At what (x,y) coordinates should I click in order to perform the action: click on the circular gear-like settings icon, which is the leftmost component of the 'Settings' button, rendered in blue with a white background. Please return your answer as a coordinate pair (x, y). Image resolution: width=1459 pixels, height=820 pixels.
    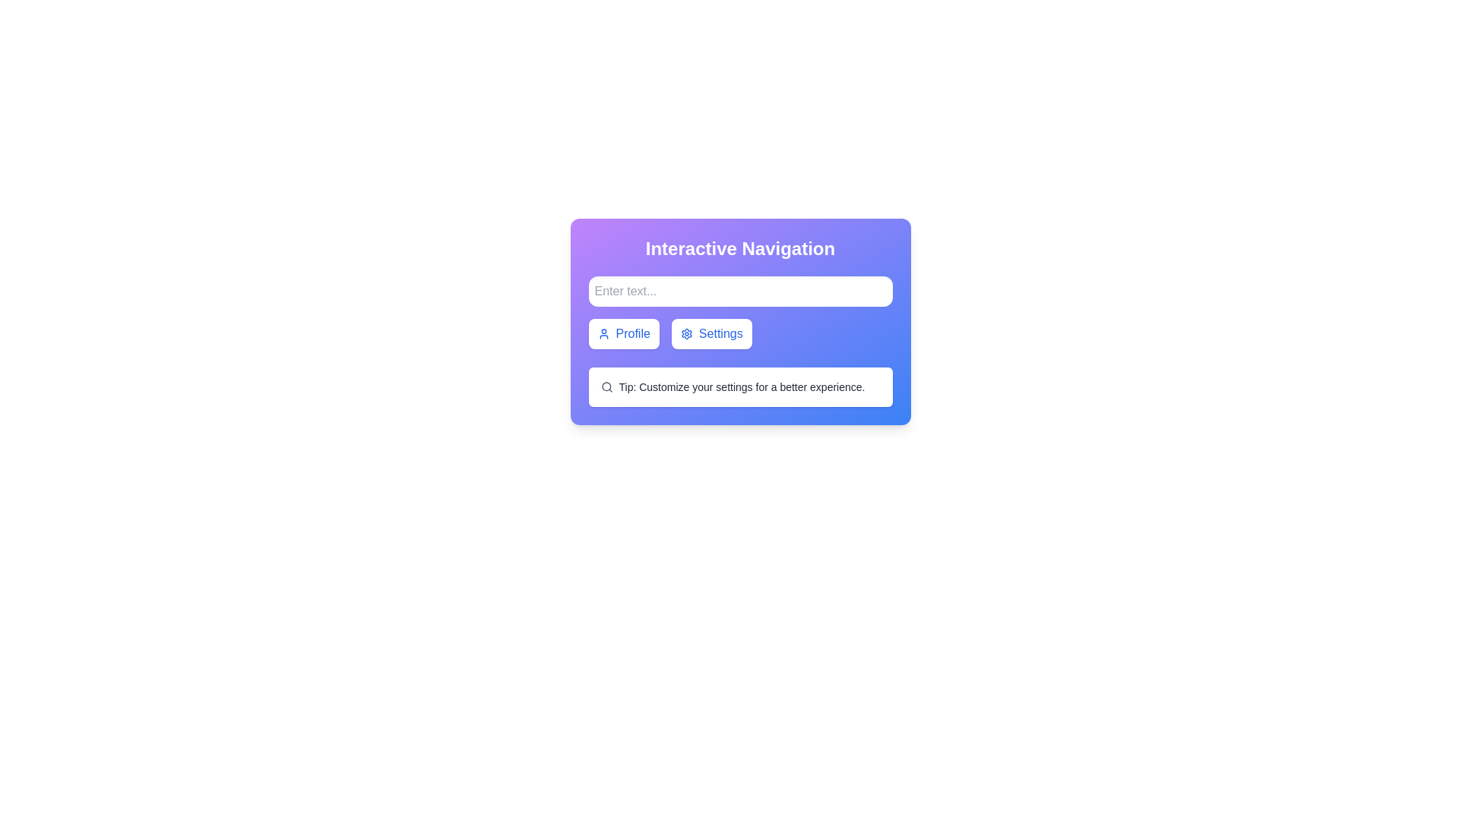
    Looking at the image, I should click on (685, 333).